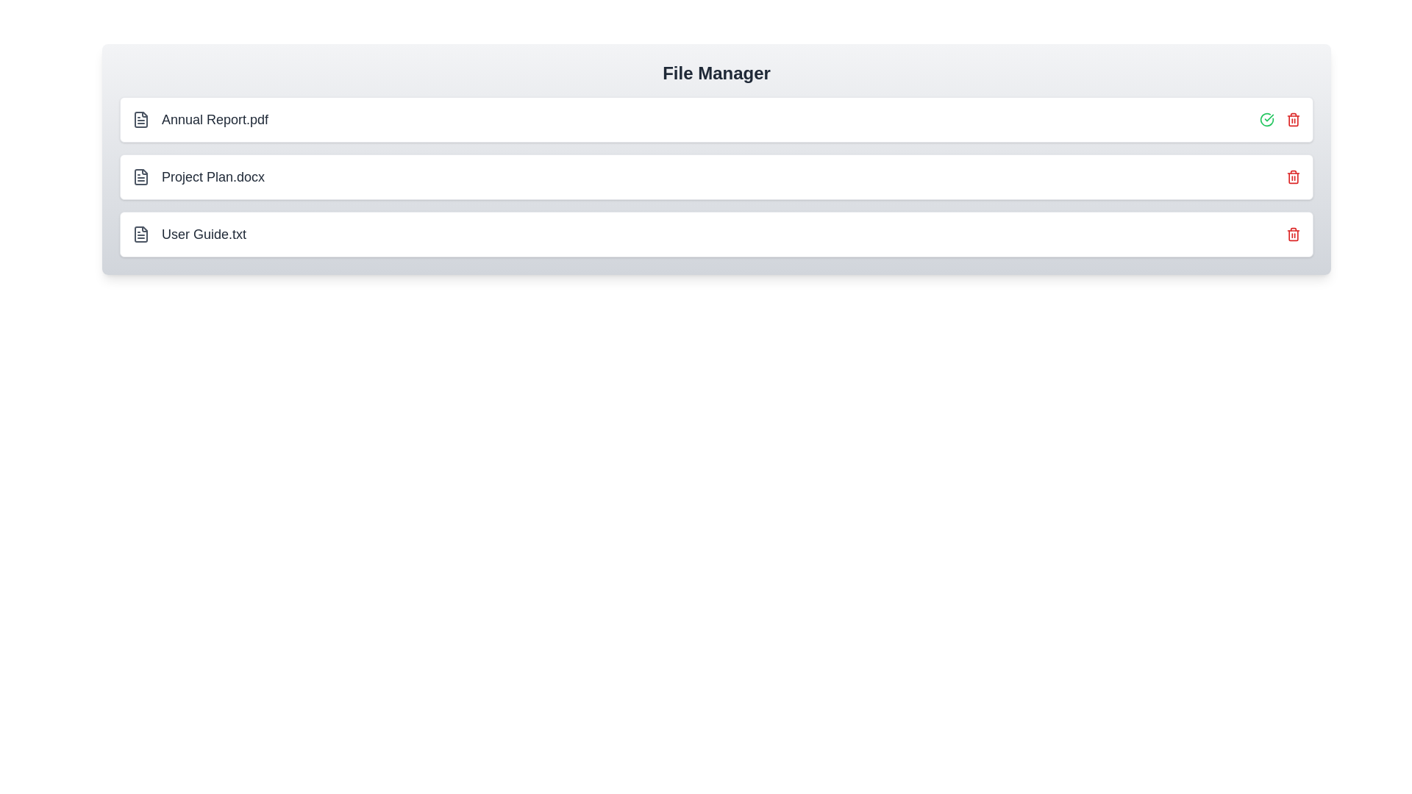  What do you see at coordinates (1292, 176) in the screenshot?
I see `the delete action icon represented by a red trash can image located at the far-right side of the 'Project Plan.docx' file entry` at bounding box center [1292, 176].